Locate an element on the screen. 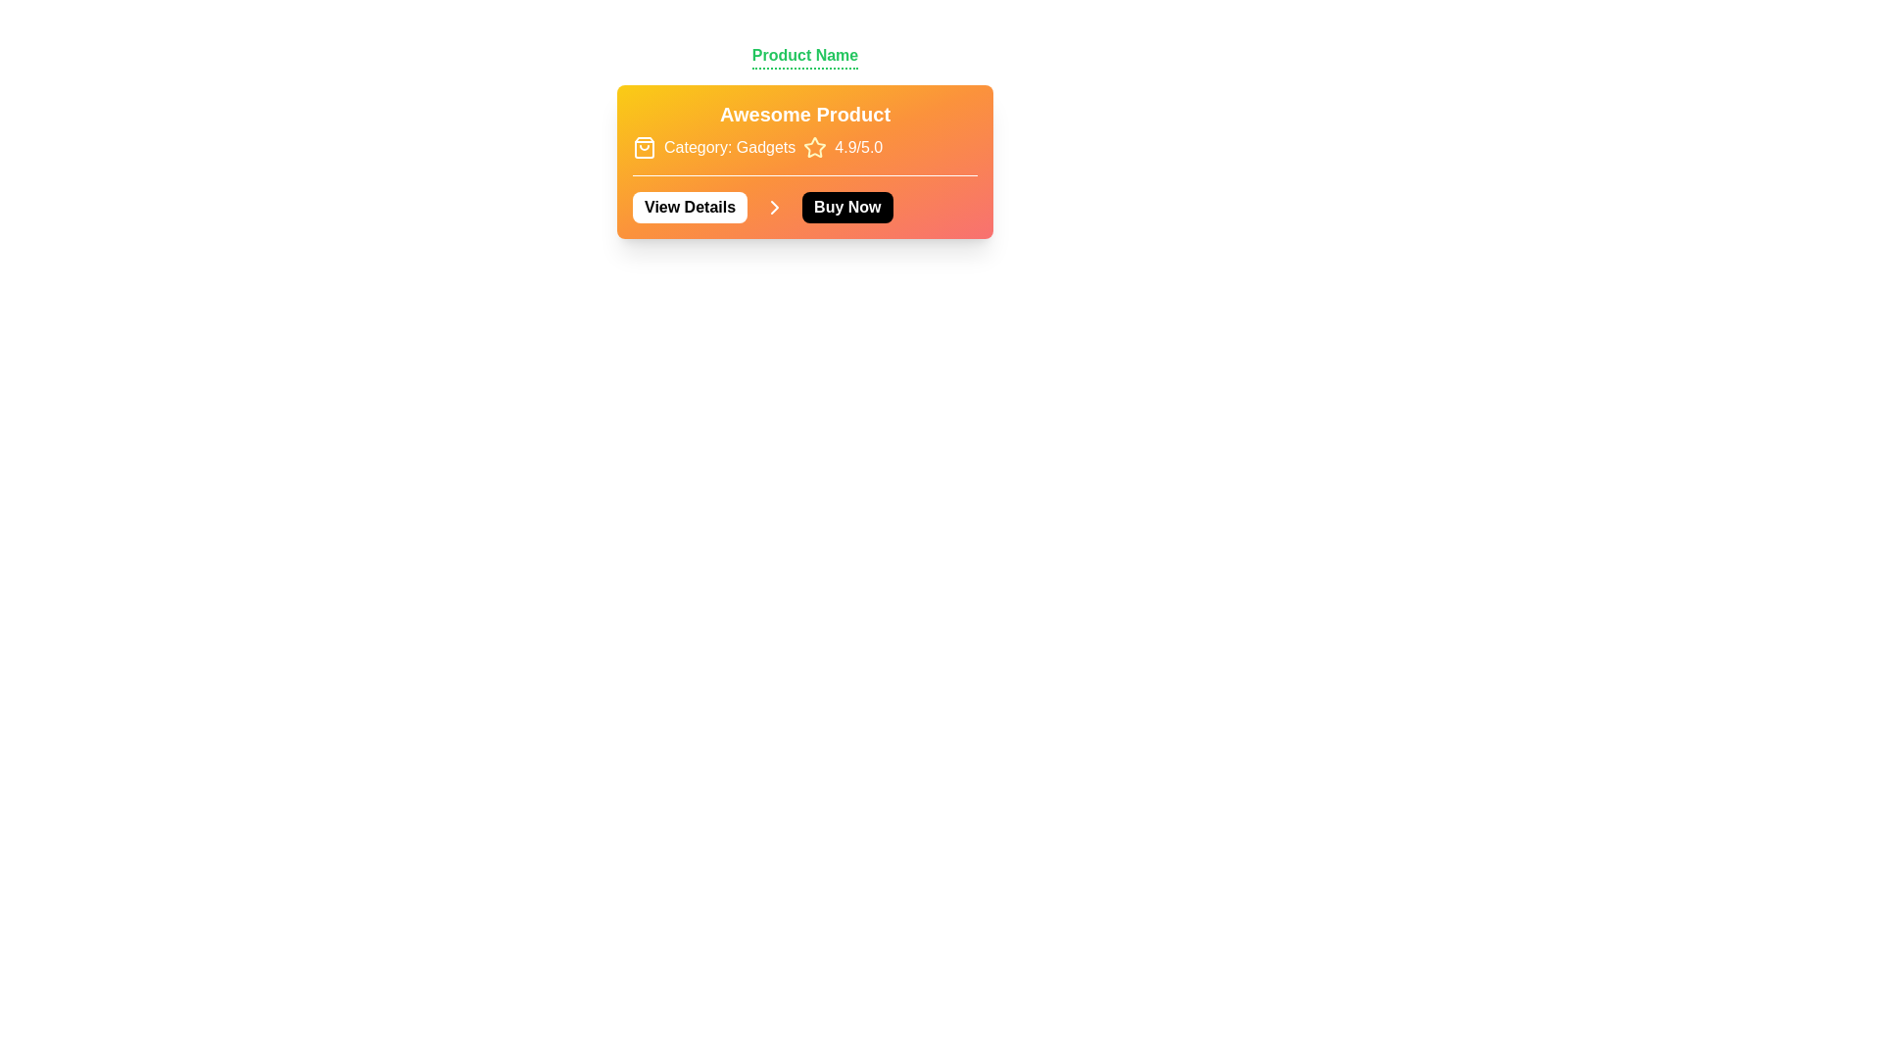  the 'Product Name' text label, which is displayed prominently in a bold green font and underlined is located at coordinates (804, 55).